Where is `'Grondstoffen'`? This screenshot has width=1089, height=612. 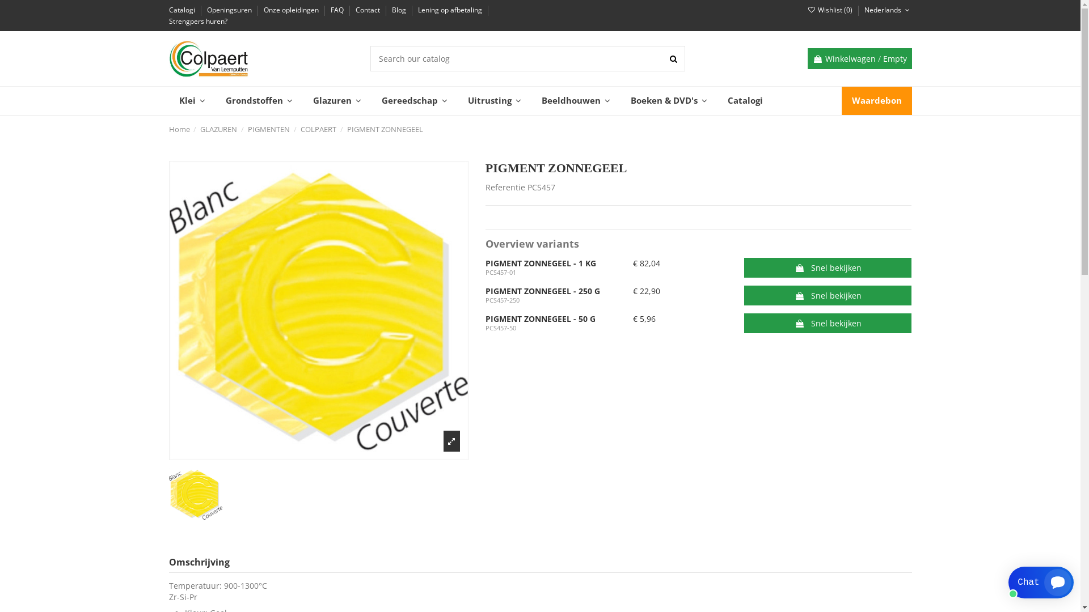
'Grondstoffen' is located at coordinates (258, 100).